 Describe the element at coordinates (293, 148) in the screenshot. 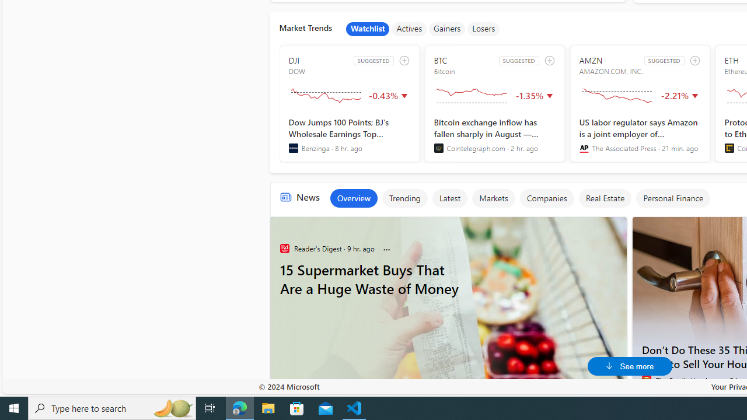

I see `'Benzinga'` at that location.